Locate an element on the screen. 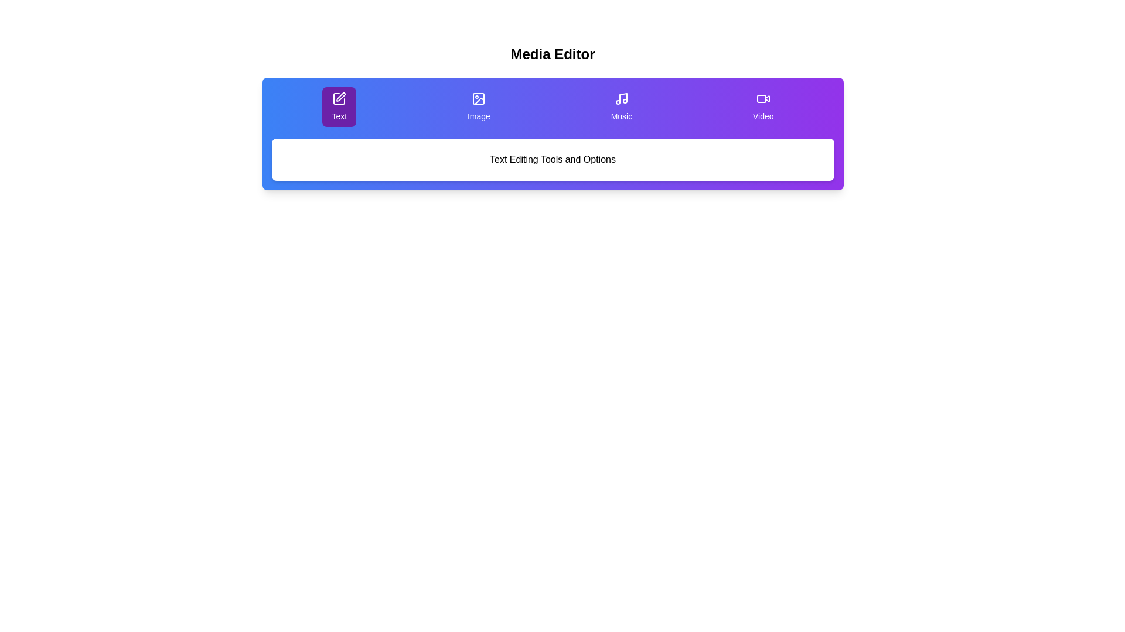  the pen icon representing the edit tool located in the top-left section of the toolbar is located at coordinates (340, 96).